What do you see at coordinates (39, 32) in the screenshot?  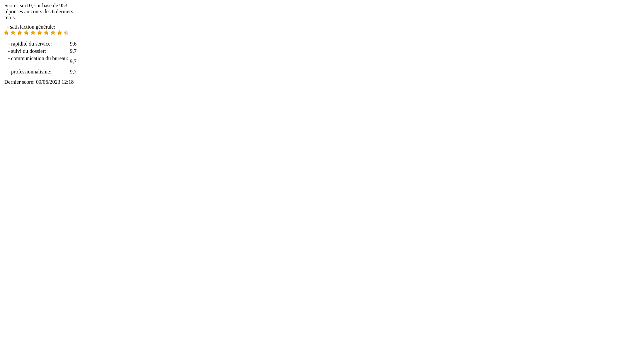 I see `'9.6715634837356'` at bounding box center [39, 32].